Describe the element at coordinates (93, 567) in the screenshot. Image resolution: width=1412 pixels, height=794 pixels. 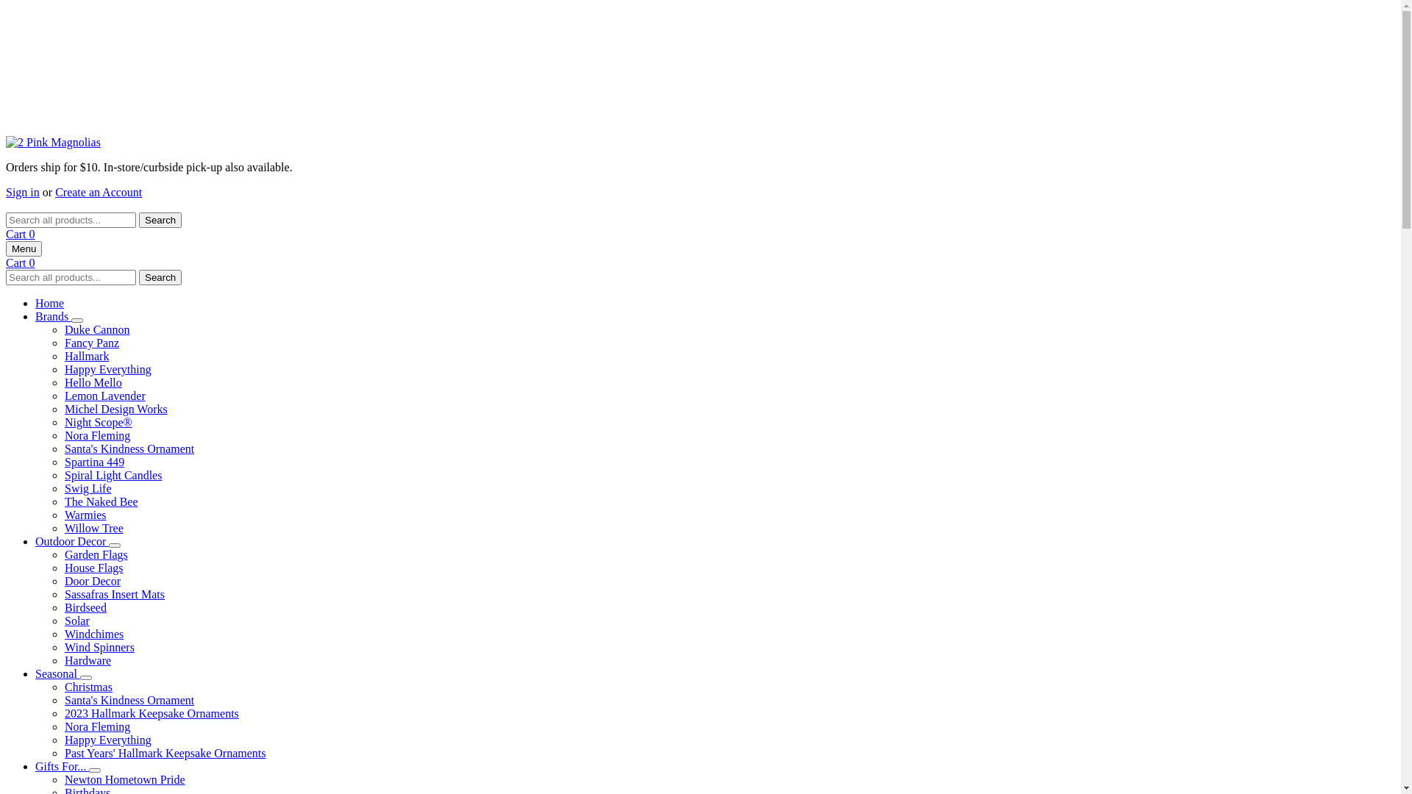
I see `'House Flags'` at that location.